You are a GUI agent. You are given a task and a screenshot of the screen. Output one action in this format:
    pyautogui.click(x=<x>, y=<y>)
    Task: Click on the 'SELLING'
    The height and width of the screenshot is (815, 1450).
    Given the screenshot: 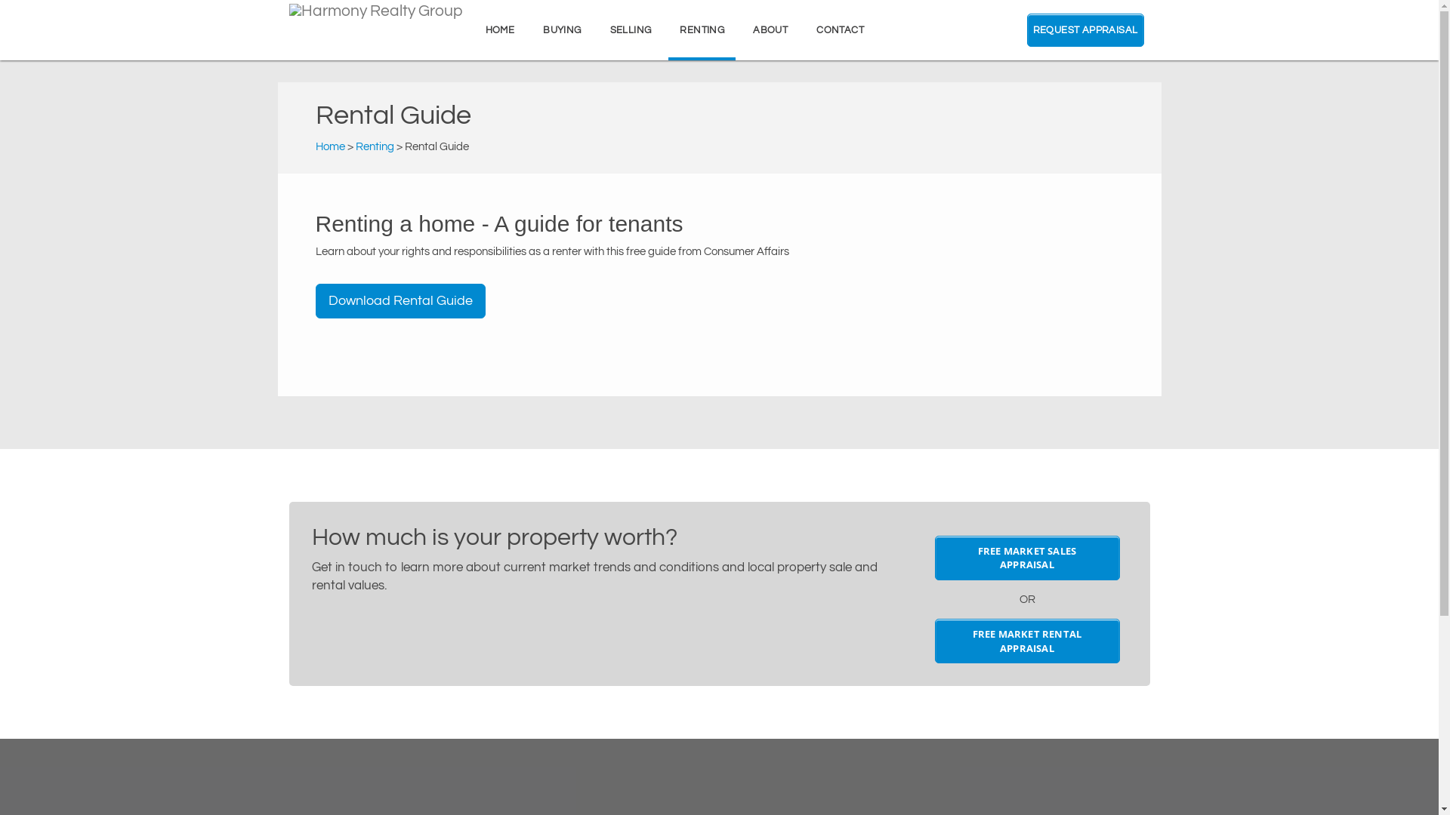 What is the action you would take?
    pyautogui.click(x=631, y=29)
    